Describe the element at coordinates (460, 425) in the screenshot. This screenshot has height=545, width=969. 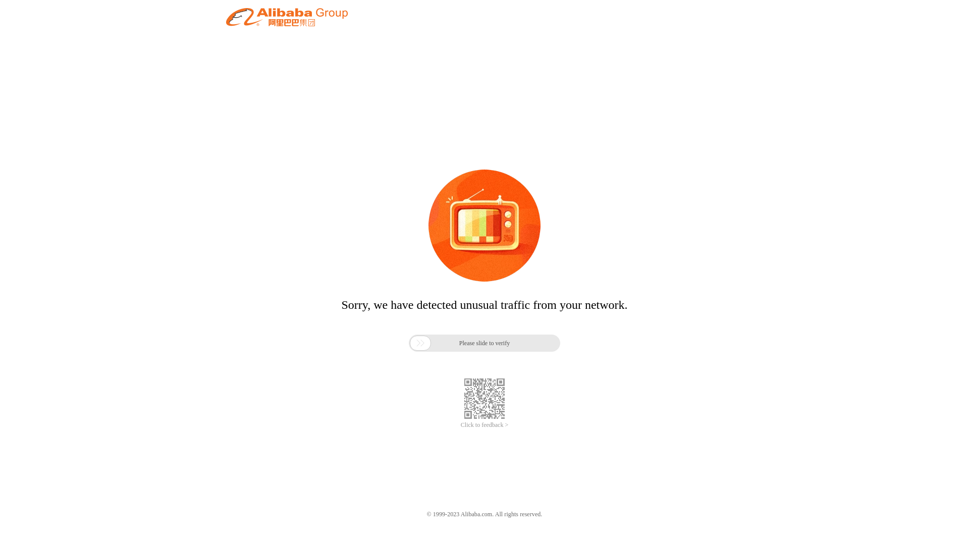
I see `'Click to feedback >'` at that location.